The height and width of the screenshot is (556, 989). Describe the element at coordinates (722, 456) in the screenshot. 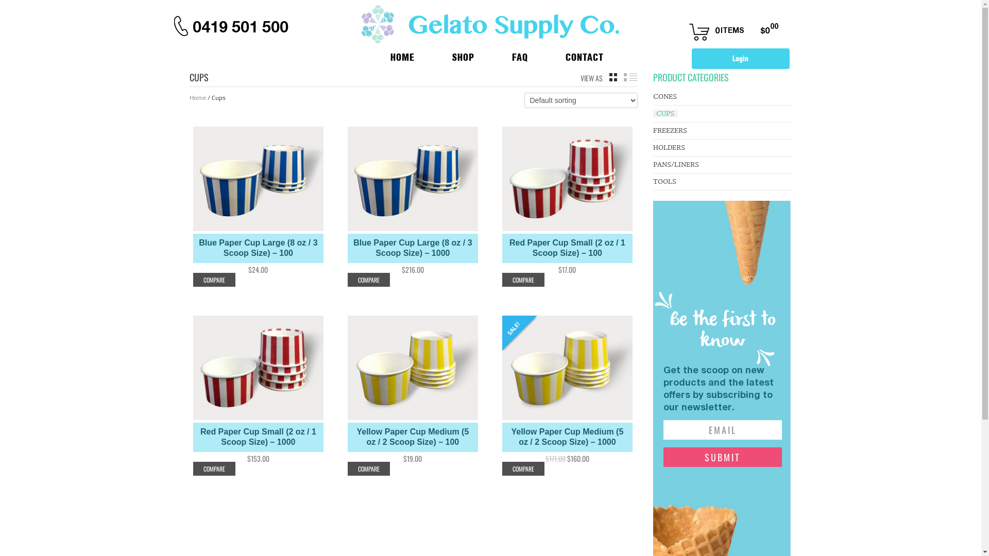

I see `'Submit'` at that location.